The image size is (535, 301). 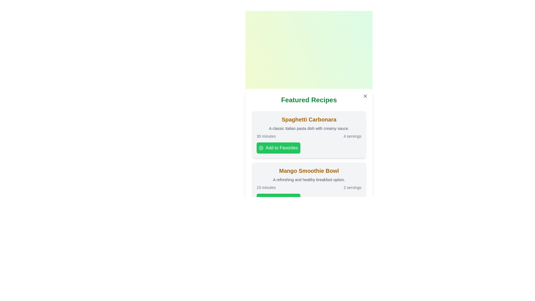 What do you see at coordinates (261, 148) in the screenshot?
I see `the Circle shape within the SVG graphic, which serves as a decorative or functional element indicating 'plus,' 'add,' or 'expand' functionality` at bounding box center [261, 148].